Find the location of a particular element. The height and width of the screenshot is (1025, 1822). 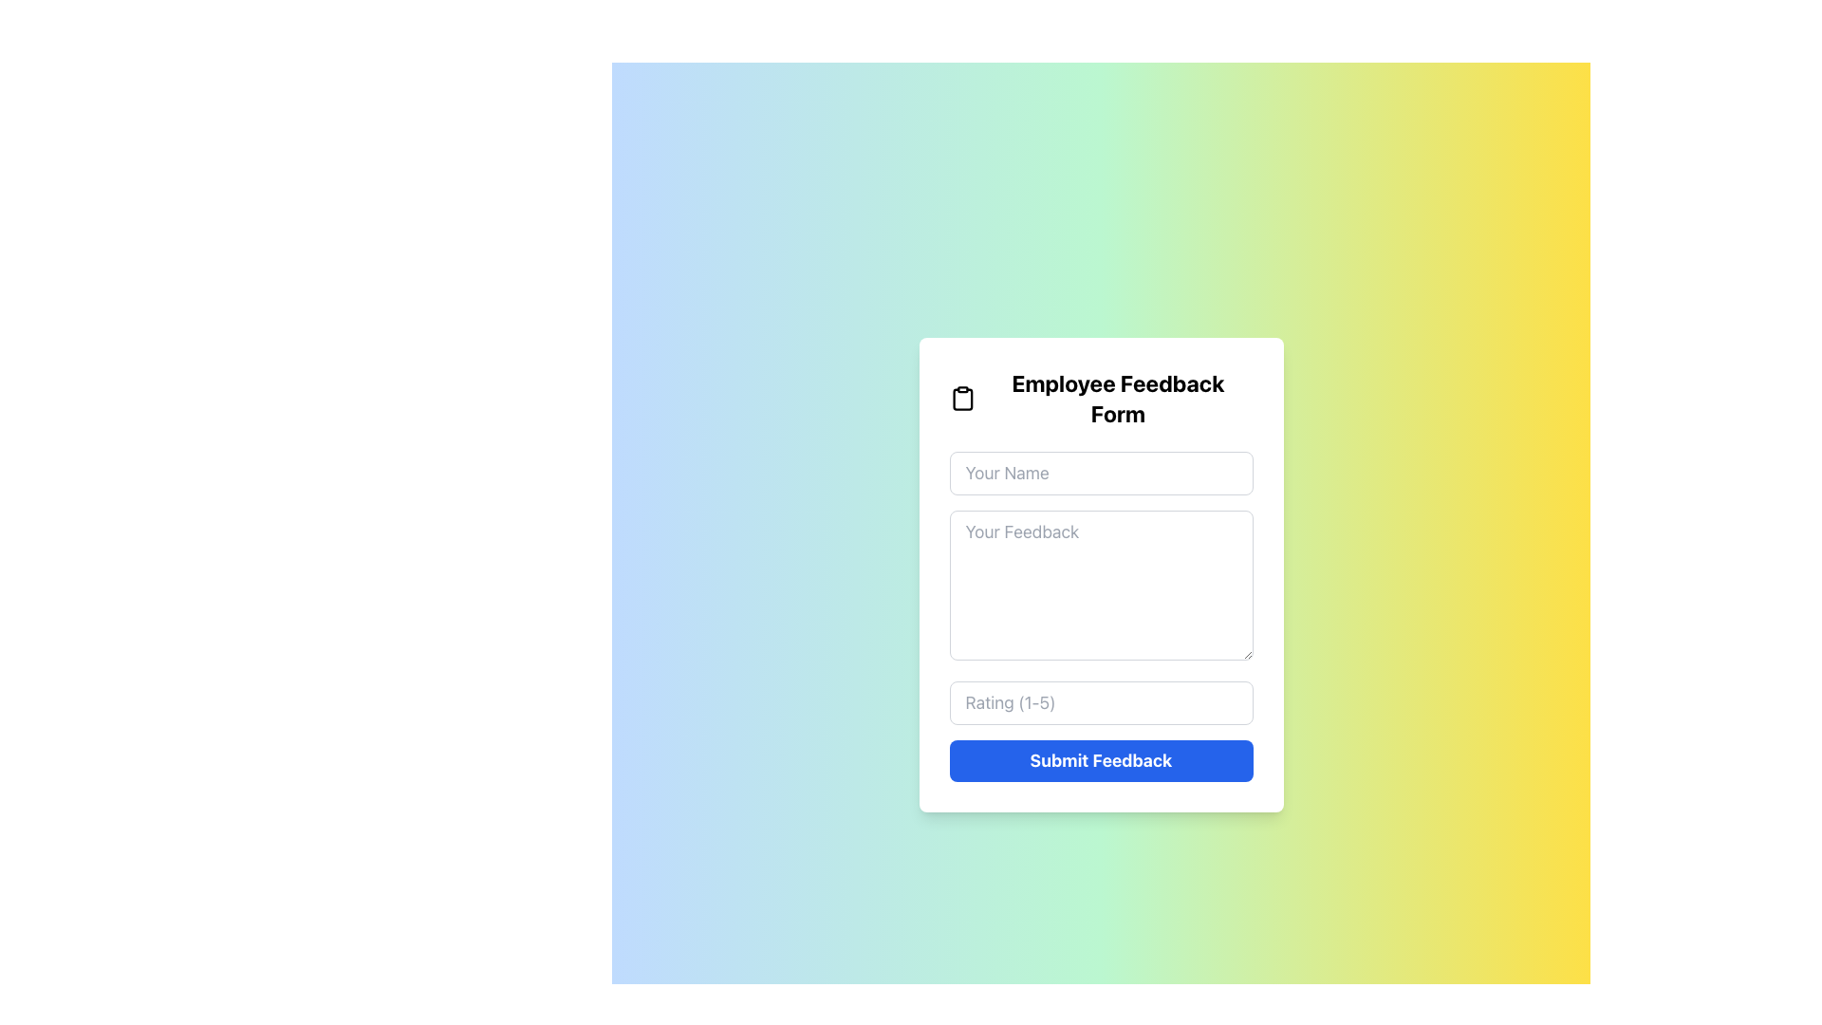

the decorative icon in the header of the 'Employee Feedback Form', which is positioned to the left of the form title and serves a branding purpose is located at coordinates (962, 398).